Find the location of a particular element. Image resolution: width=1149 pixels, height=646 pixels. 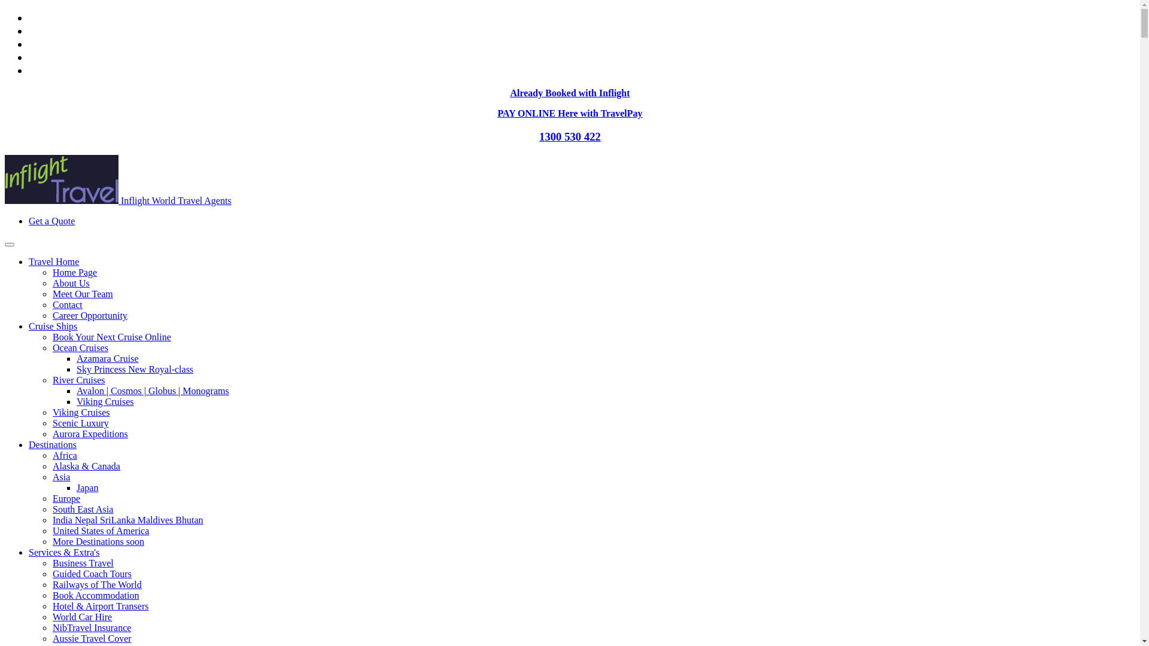

'Hotel & Airport Transers' is located at coordinates (51, 606).